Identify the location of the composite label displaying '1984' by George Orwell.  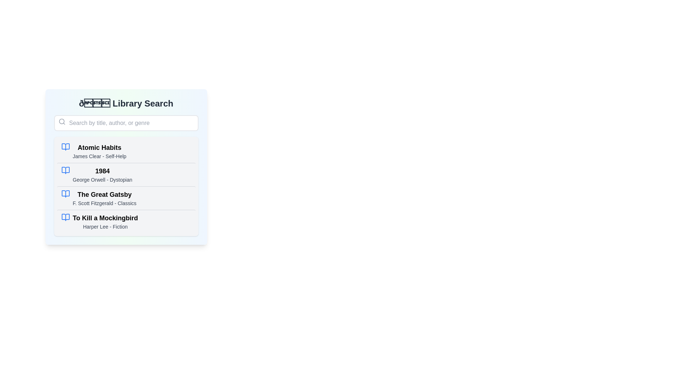
(102, 174).